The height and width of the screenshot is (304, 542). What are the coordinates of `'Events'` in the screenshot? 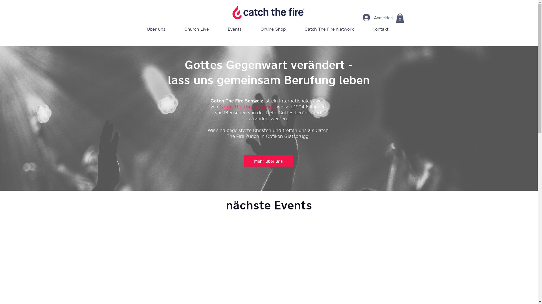 It's located at (235, 29).